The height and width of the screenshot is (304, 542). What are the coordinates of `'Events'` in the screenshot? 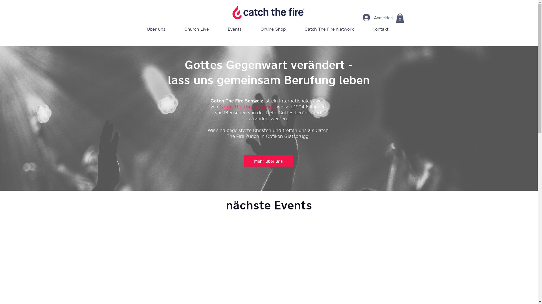 It's located at (235, 29).